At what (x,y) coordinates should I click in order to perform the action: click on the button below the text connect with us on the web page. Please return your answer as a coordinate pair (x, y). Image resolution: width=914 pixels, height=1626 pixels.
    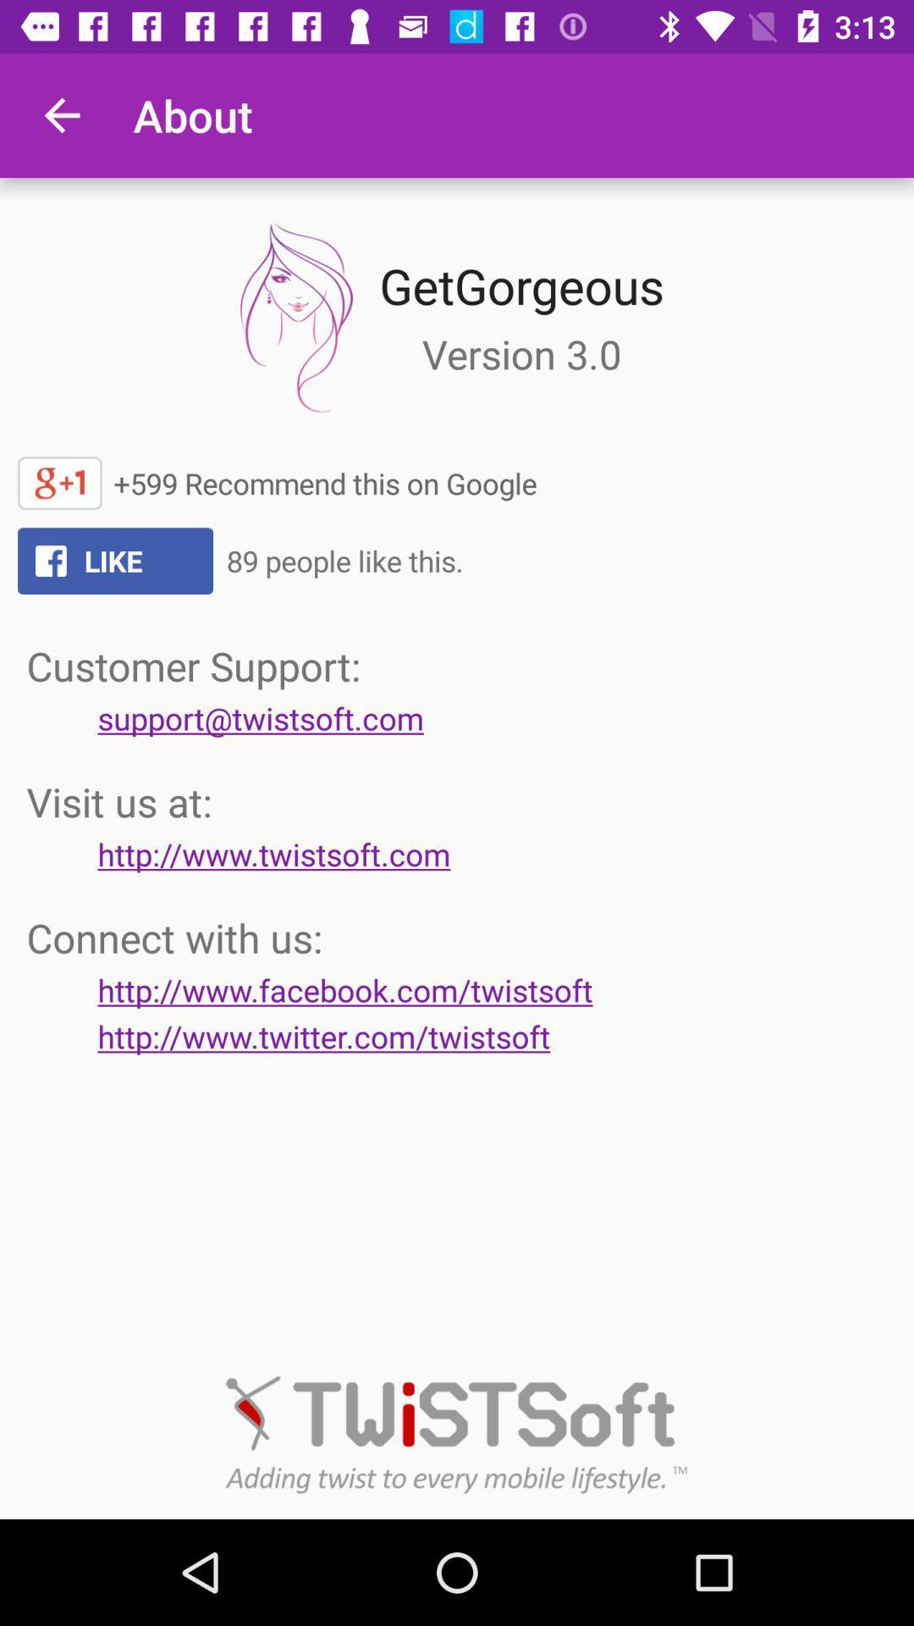
    Looking at the image, I should click on (344, 990).